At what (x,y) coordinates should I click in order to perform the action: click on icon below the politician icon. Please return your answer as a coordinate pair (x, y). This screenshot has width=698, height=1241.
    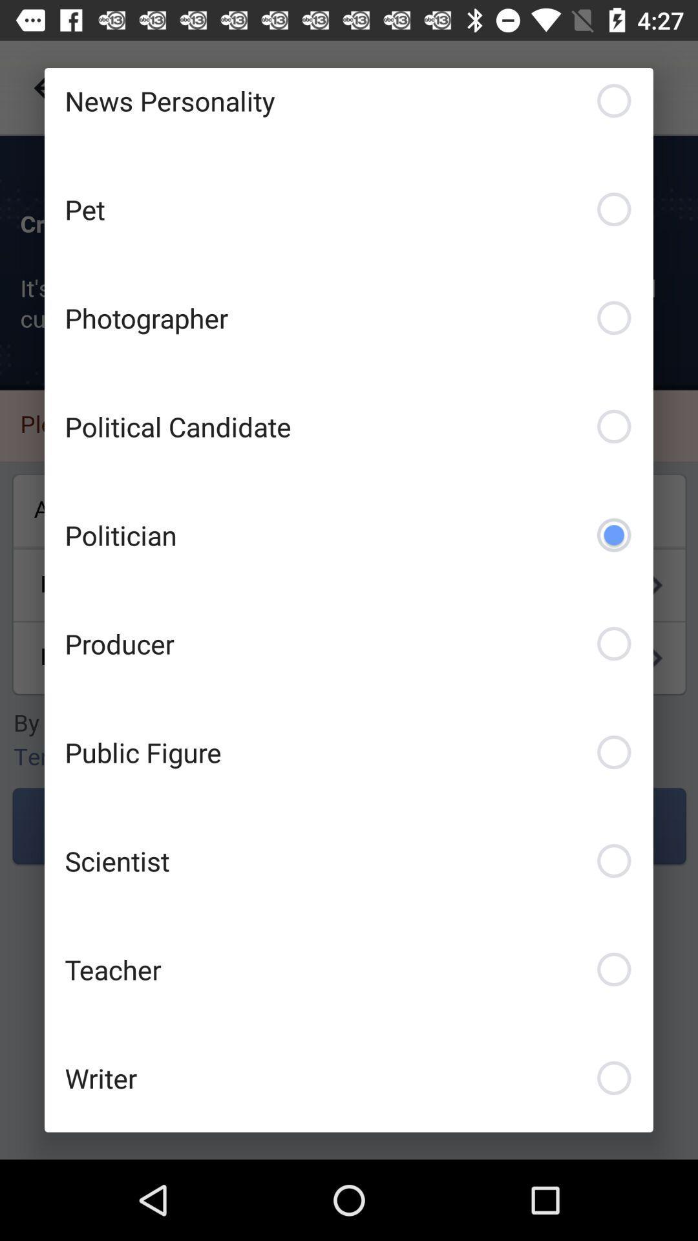
    Looking at the image, I should click on (349, 643).